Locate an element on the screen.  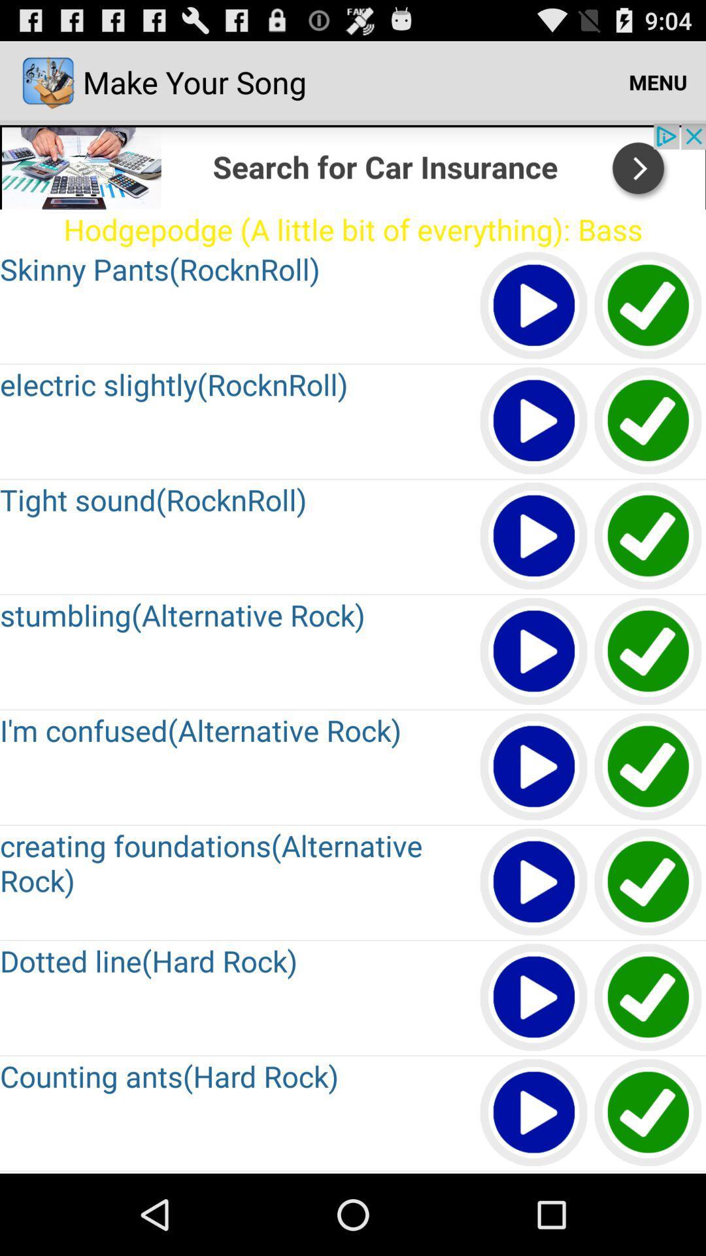
click check mark is located at coordinates (648, 882).